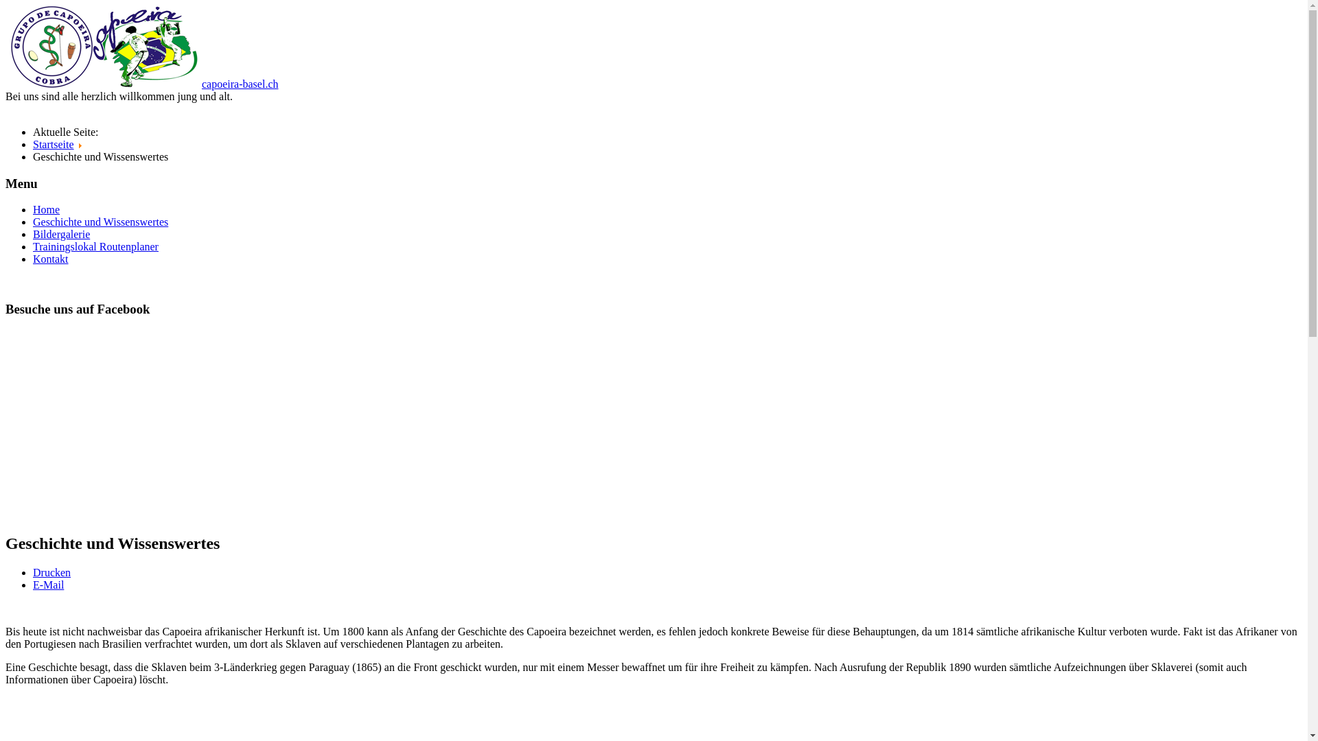 This screenshot has width=1318, height=741. I want to click on 'Home', so click(46, 209).